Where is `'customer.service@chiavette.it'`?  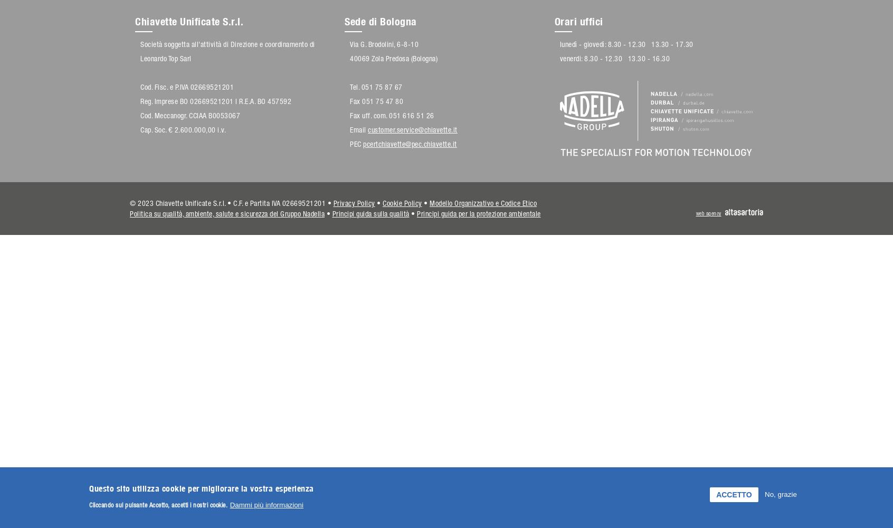
'customer.service@chiavette.it' is located at coordinates (412, 129).